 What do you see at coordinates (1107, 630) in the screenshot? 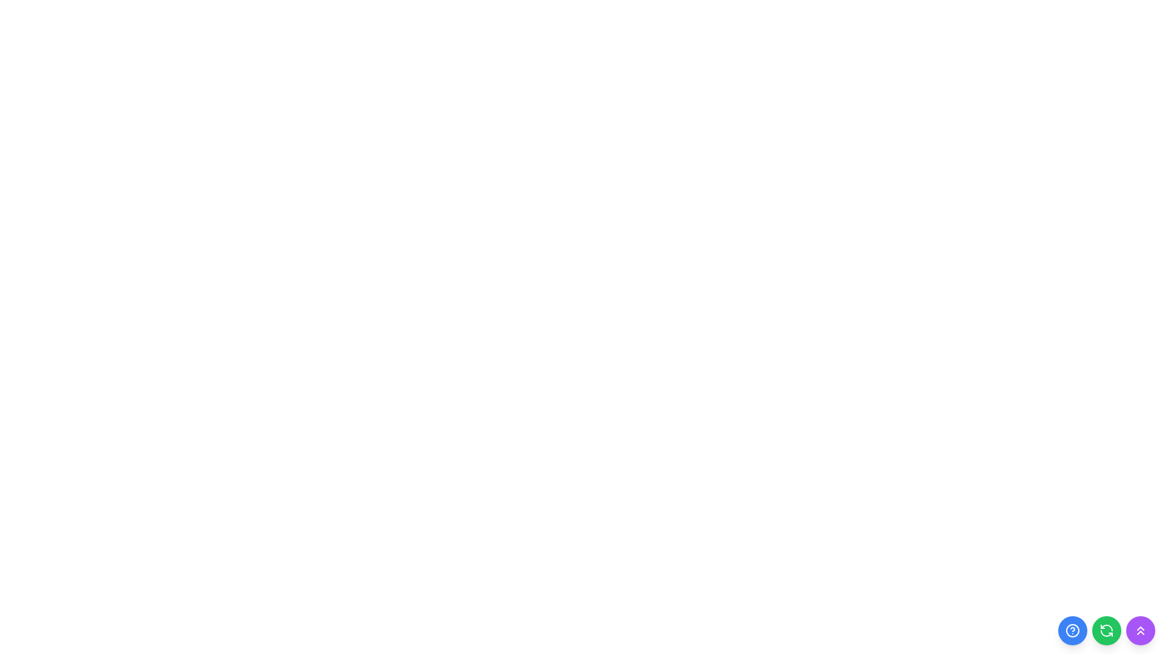
I see `the second circular button with a green background and a refresh symbol` at bounding box center [1107, 630].